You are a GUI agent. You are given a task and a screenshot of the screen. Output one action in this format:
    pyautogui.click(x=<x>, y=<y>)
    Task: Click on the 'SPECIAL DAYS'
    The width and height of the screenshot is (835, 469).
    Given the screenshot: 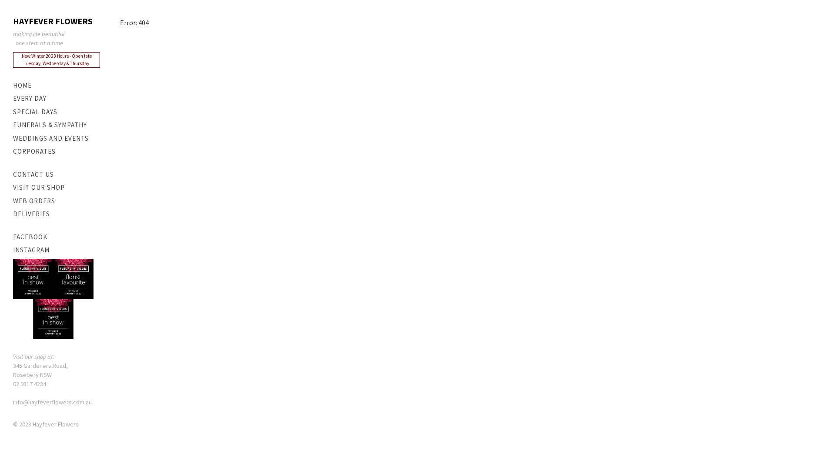 What is the action you would take?
    pyautogui.click(x=56, y=112)
    